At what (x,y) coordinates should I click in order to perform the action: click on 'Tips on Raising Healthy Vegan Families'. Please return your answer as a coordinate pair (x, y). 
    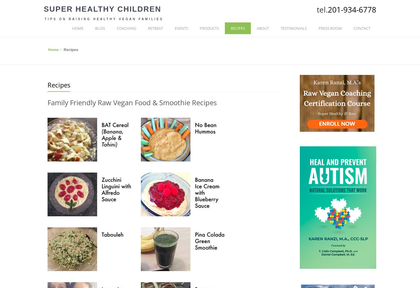
    Looking at the image, I should click on (44, 19).